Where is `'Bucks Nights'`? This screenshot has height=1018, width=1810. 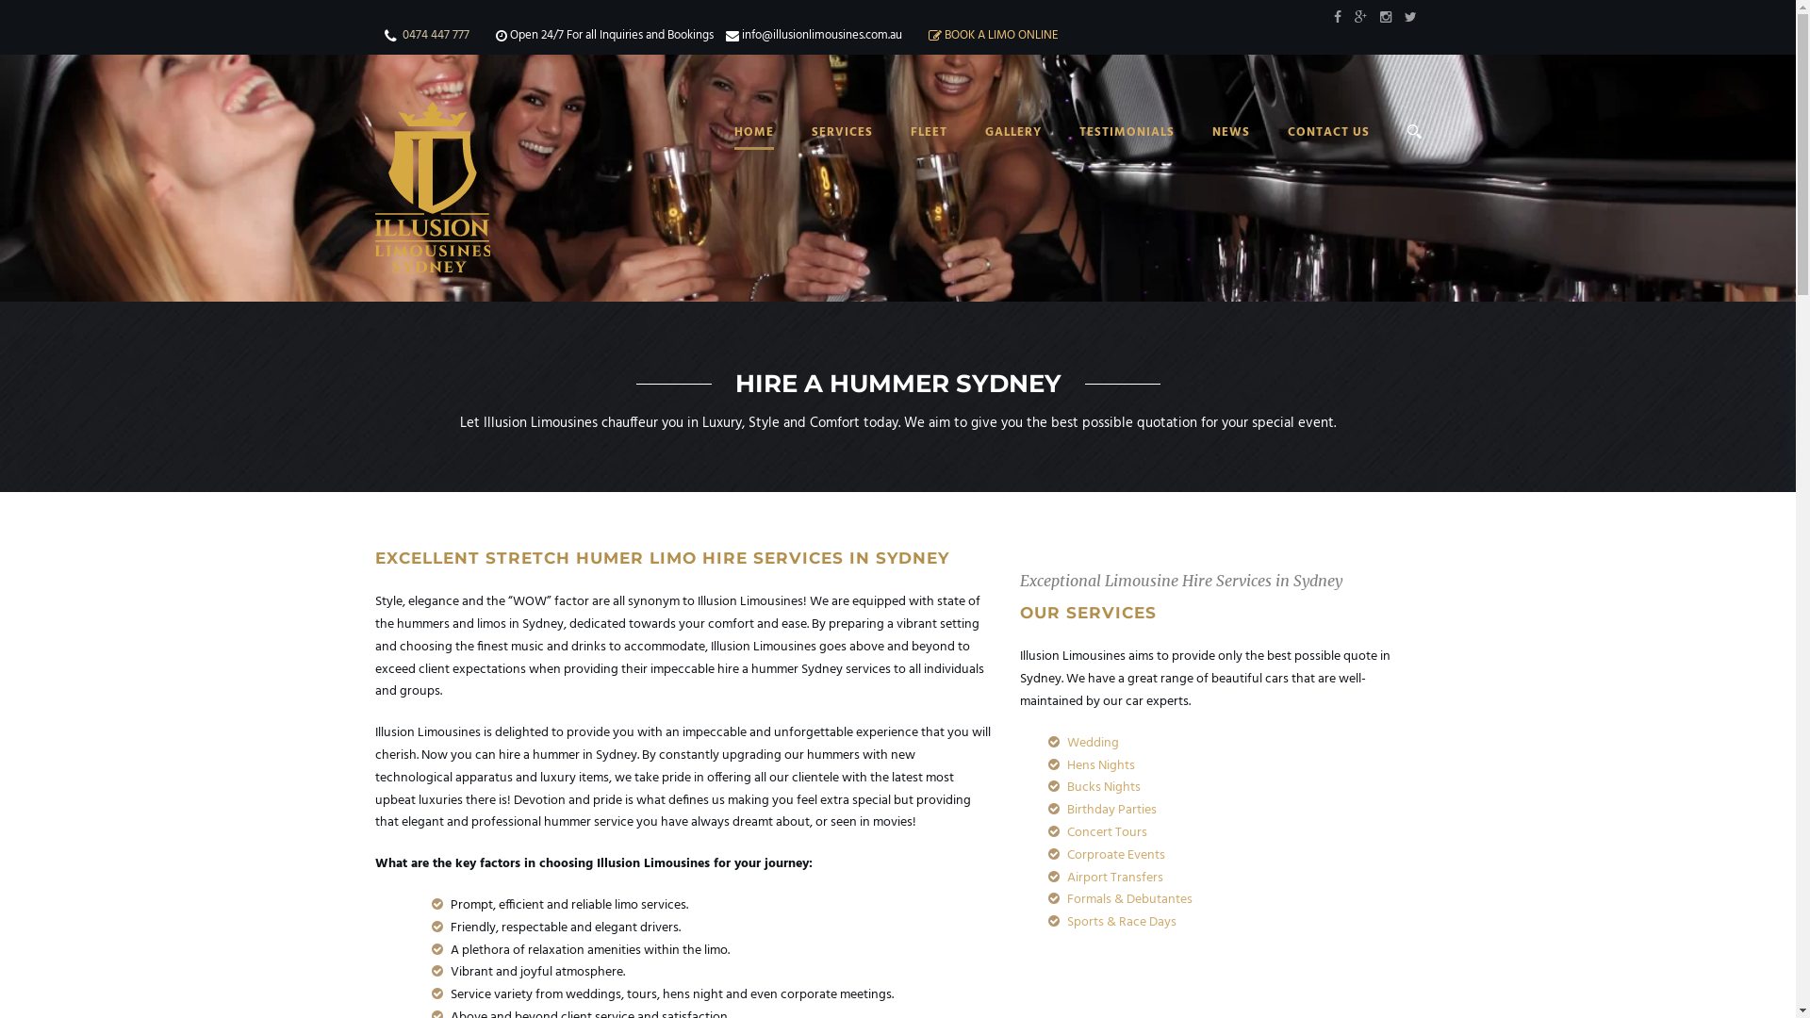
'Bucks Nights' is located at coordinates (1067, 787).